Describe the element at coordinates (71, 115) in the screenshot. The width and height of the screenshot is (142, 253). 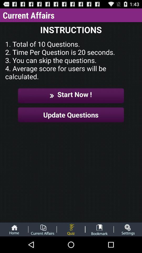
I see `update questions button` at that location.